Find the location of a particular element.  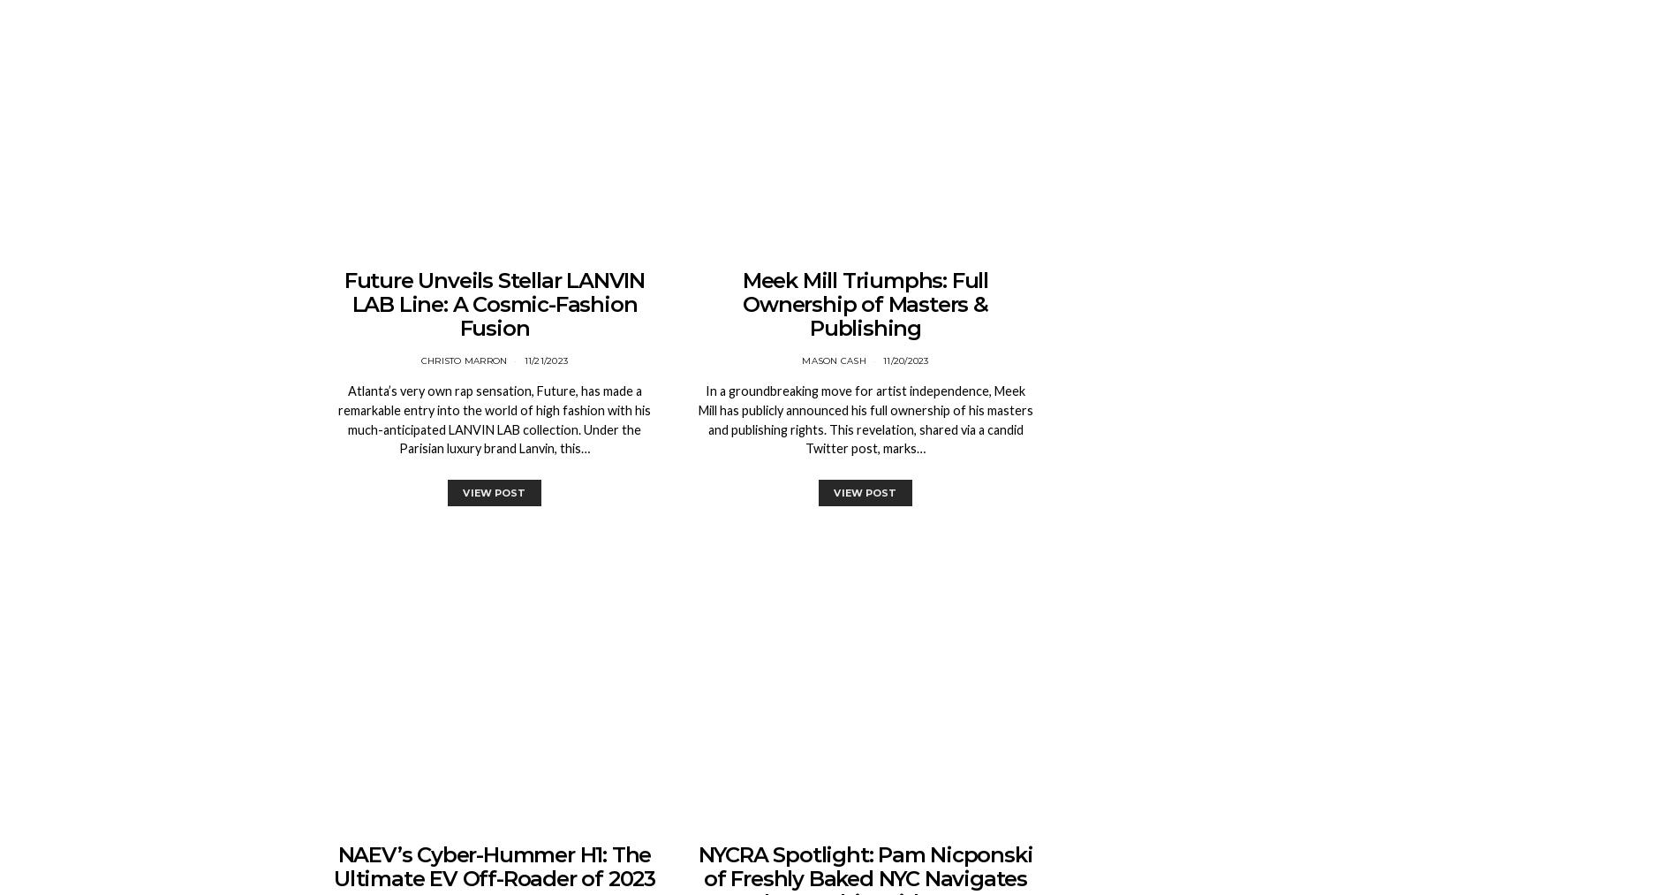

'Future Unveils Stellar LANVIN LAB Line: A Cosmic-Fashion Fusion' is located at coordinates (494, 304).